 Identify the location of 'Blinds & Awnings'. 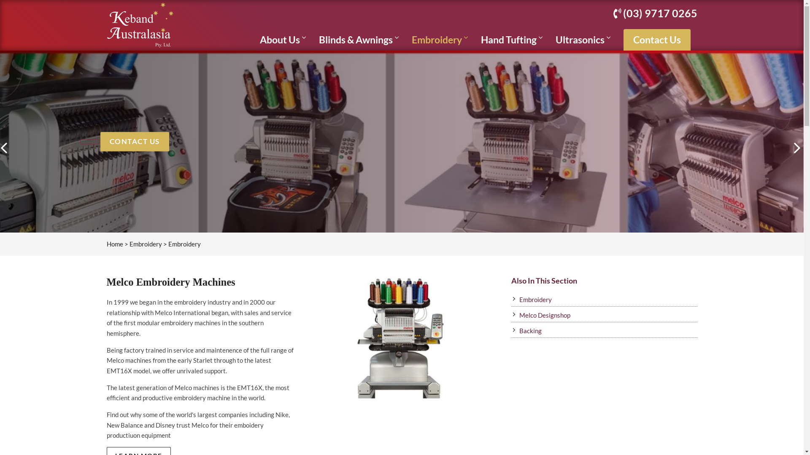
(359, 40).